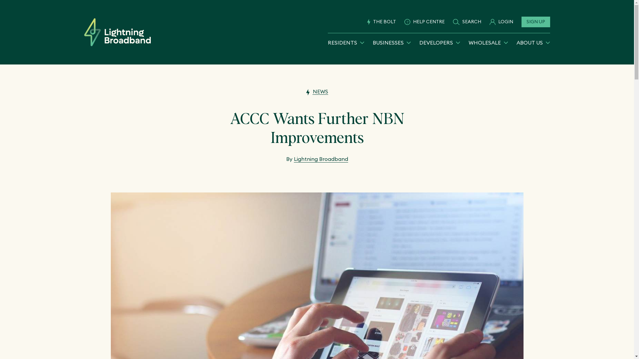 The width and height of the screenshot is (639, 359). I want to click on 'BUSINESSES', so click(372, 43).